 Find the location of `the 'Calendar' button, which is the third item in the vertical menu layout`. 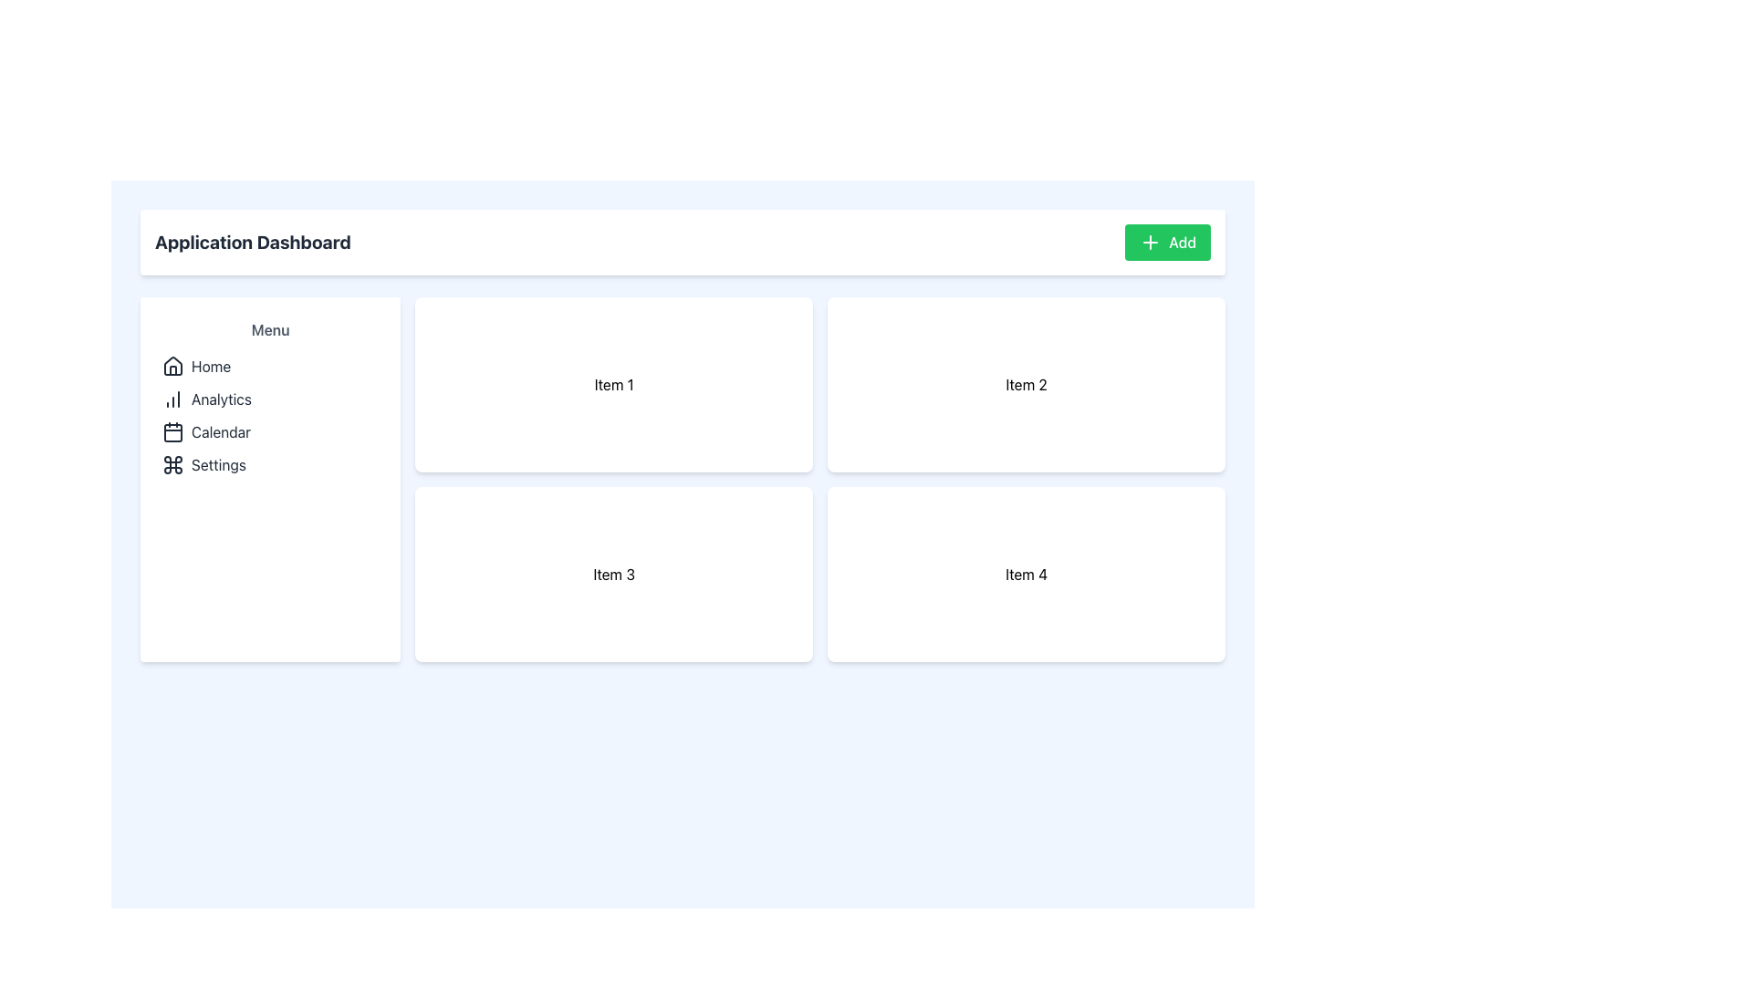

the 'Calendar' button, which is the third item in the vertical menu layout is located at coordinates (269, 432).